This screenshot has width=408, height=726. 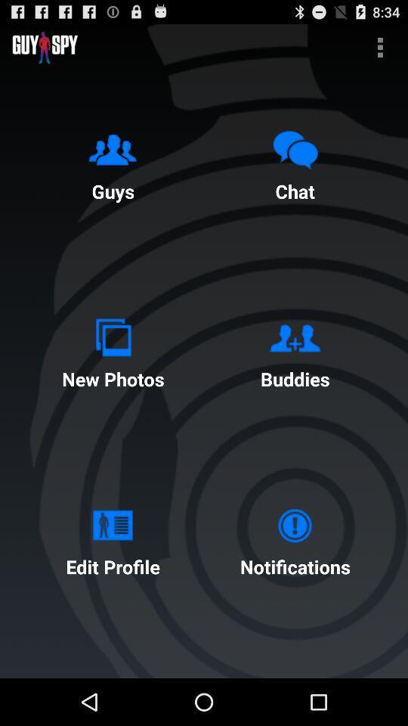 I want to click on the icon next to chat button, so click(x=112, y=163).